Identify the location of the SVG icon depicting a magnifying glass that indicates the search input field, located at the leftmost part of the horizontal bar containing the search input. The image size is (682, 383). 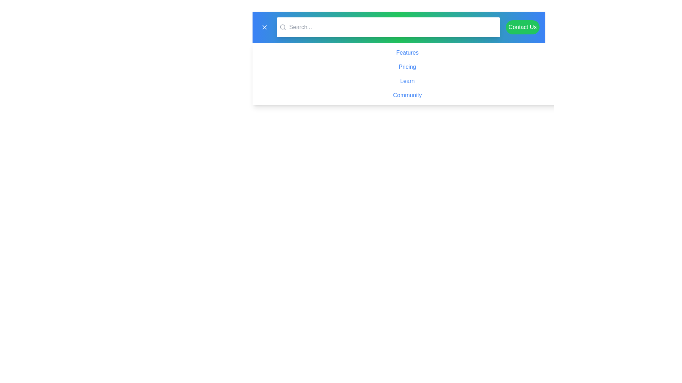
(282, 27).